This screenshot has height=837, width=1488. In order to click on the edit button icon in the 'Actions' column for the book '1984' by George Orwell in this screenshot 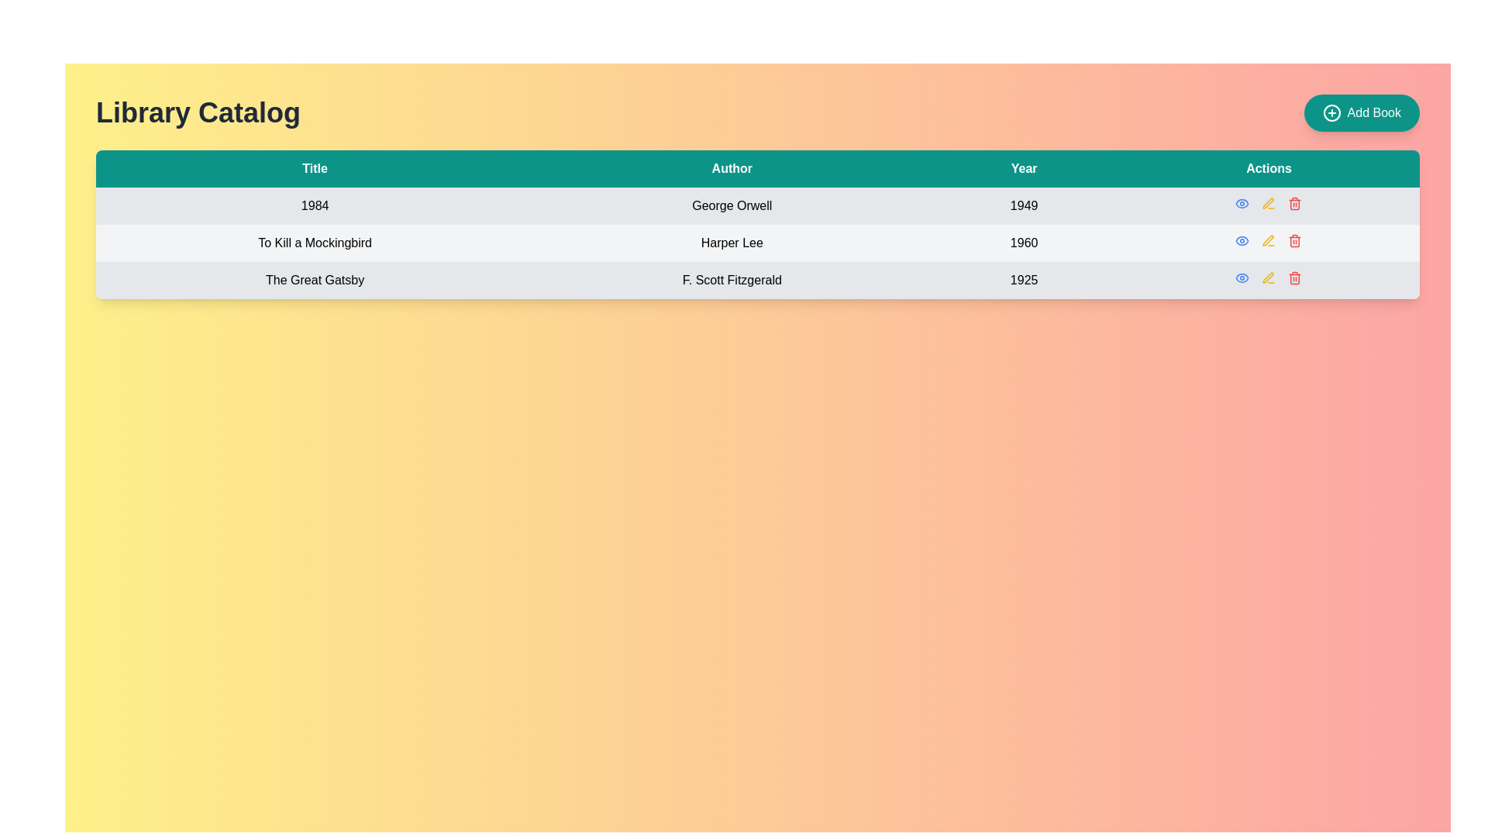, I will do `click(1269, 202)`.